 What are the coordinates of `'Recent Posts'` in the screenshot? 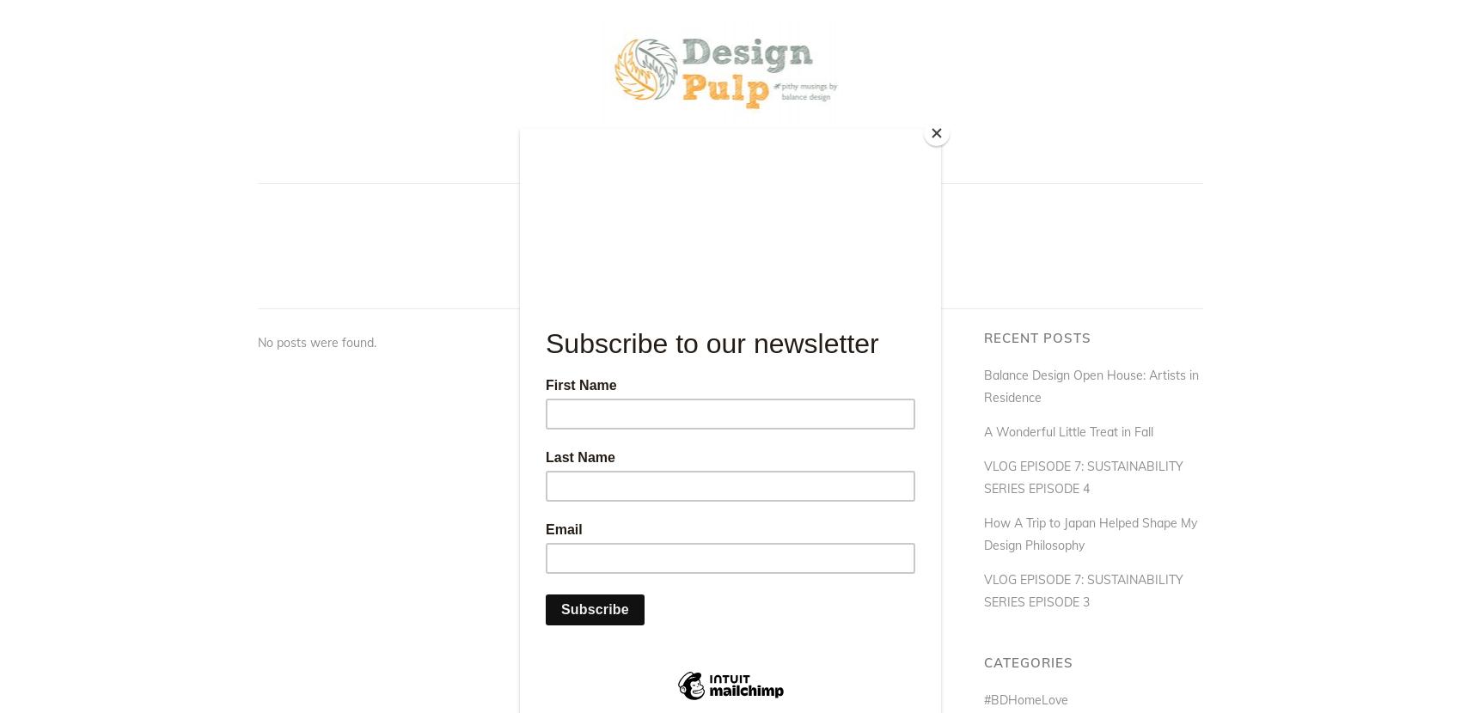 It's located at (1036, 337).